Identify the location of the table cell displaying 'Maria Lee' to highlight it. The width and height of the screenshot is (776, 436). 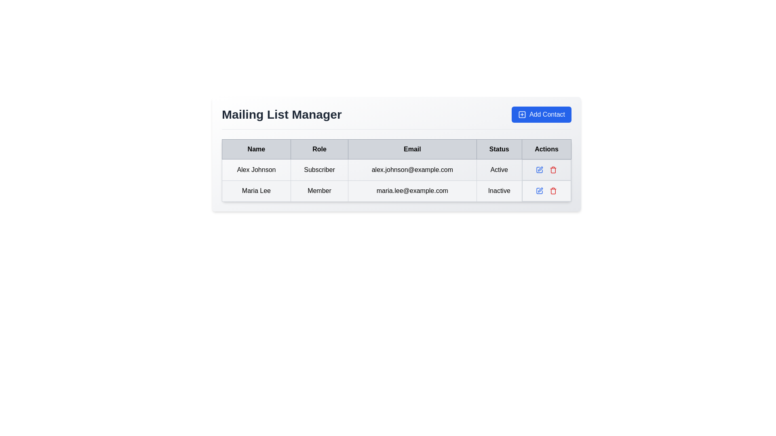
(256, 191).